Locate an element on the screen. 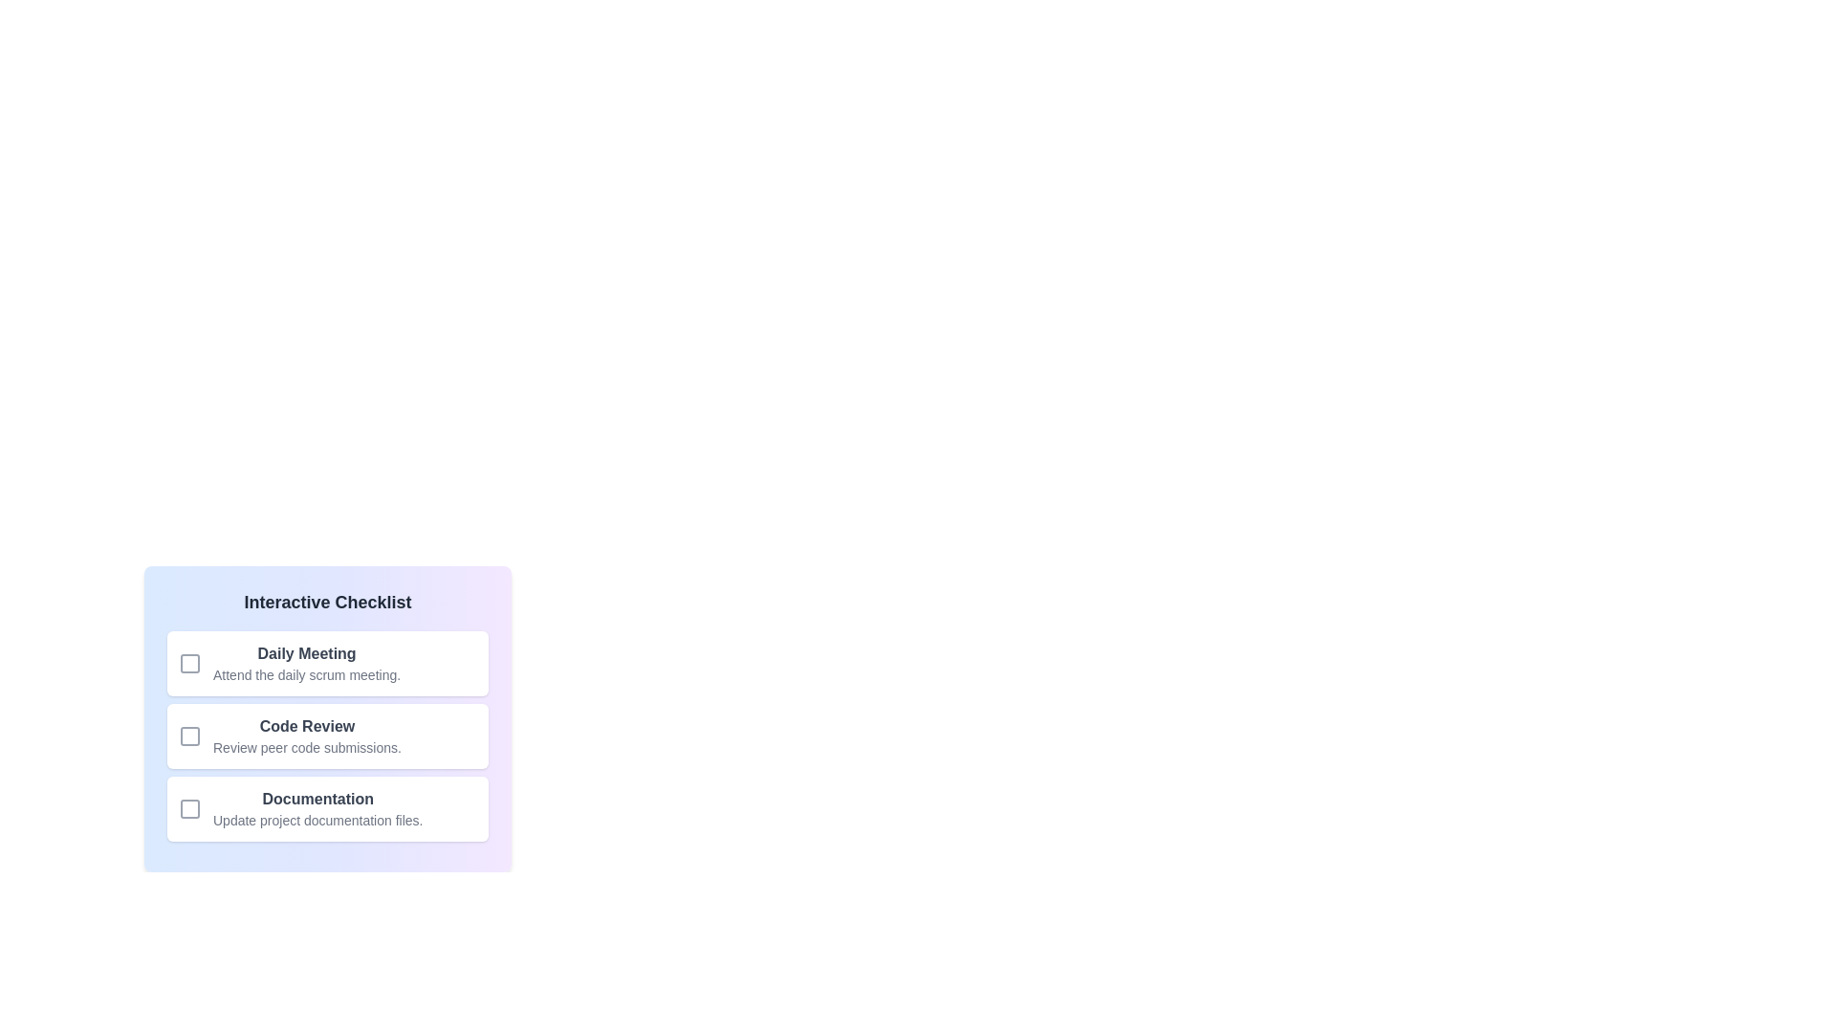 The width and height of the screenshot is (1836, 1033). text of the checklist item that includes the bolded 'Documentation' and the lighter gray 'Update project documentation files.' is located at coordinates (327, 808).